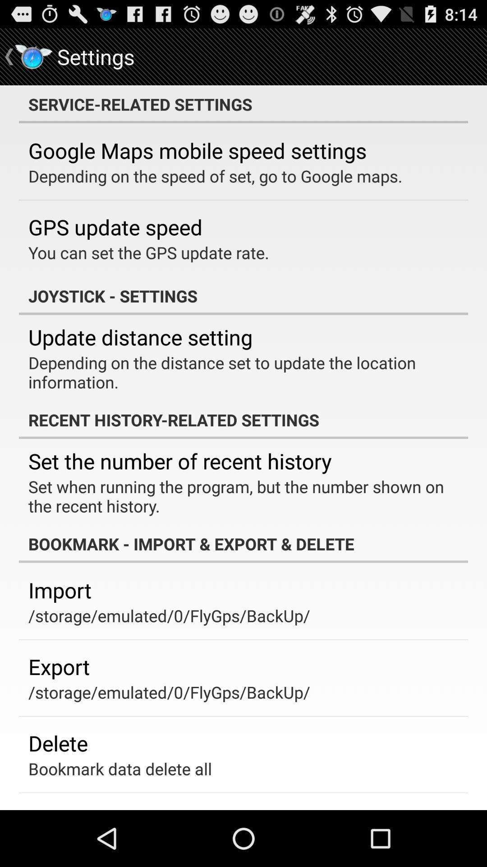 The image size is (487, 867). I want to click on the app below the you can set app, so click(243, 296).